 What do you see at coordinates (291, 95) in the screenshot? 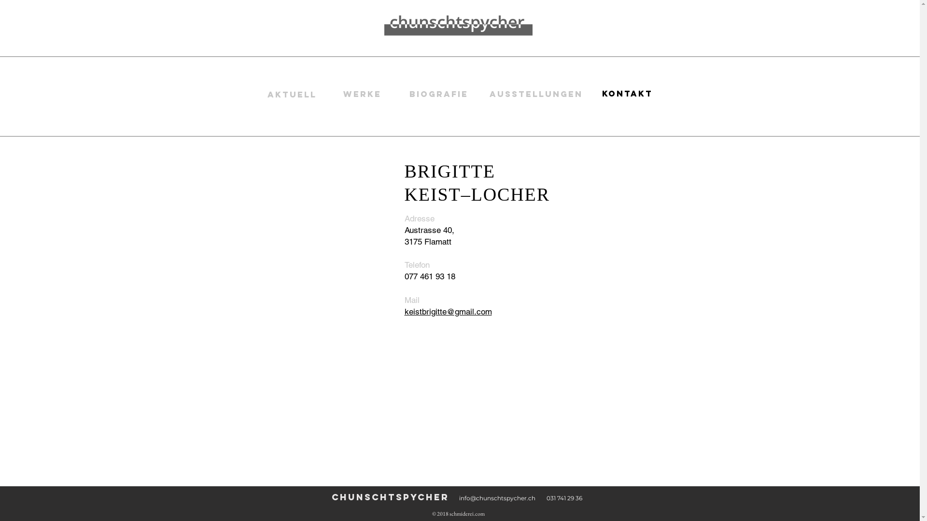
I see `'AKTUELL'` at bounding box center [291, 95].